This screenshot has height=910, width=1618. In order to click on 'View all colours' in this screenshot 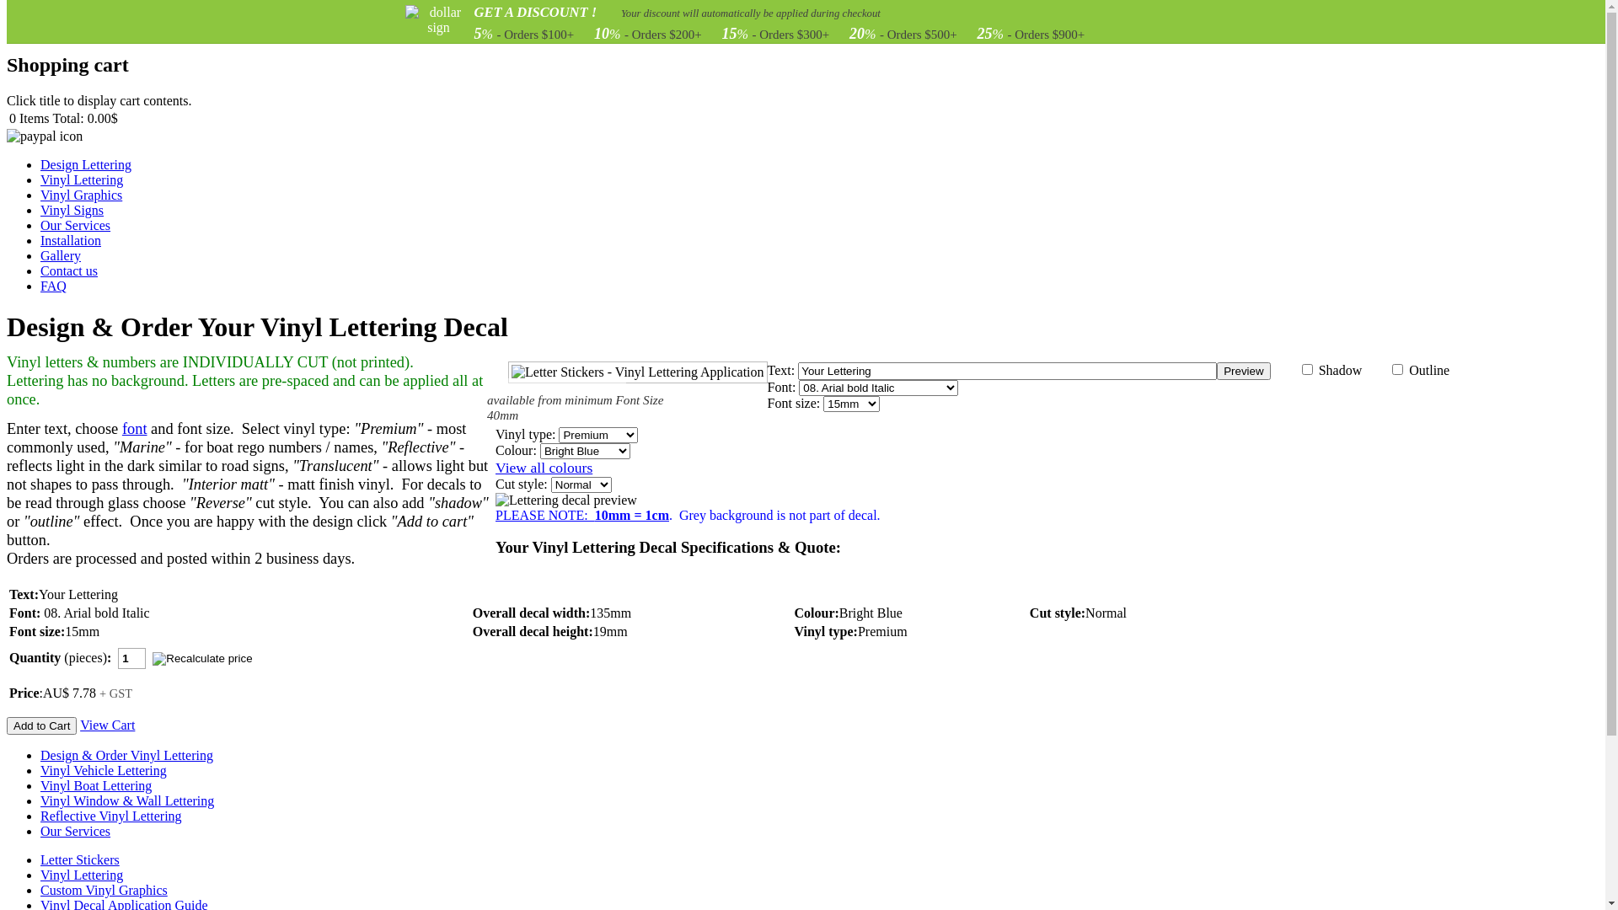, I will do `click(495, 468)`.